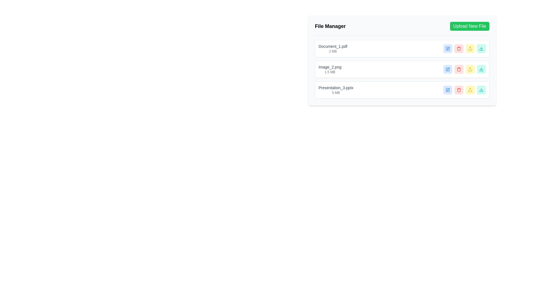 The image size is (537, 302). I want to click on the download SVG icon located inside the rightmost button of the last row in the file manager table to initiate the file download, so click(481, 89).